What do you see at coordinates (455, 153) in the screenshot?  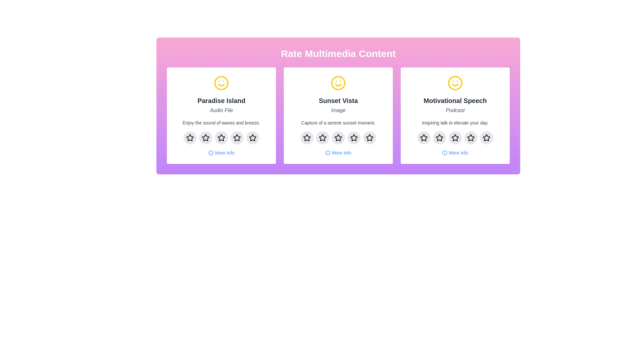 I see `'More Info' button for the multimedia item with the title Motivational Speech` at bounding box center [455, 153].